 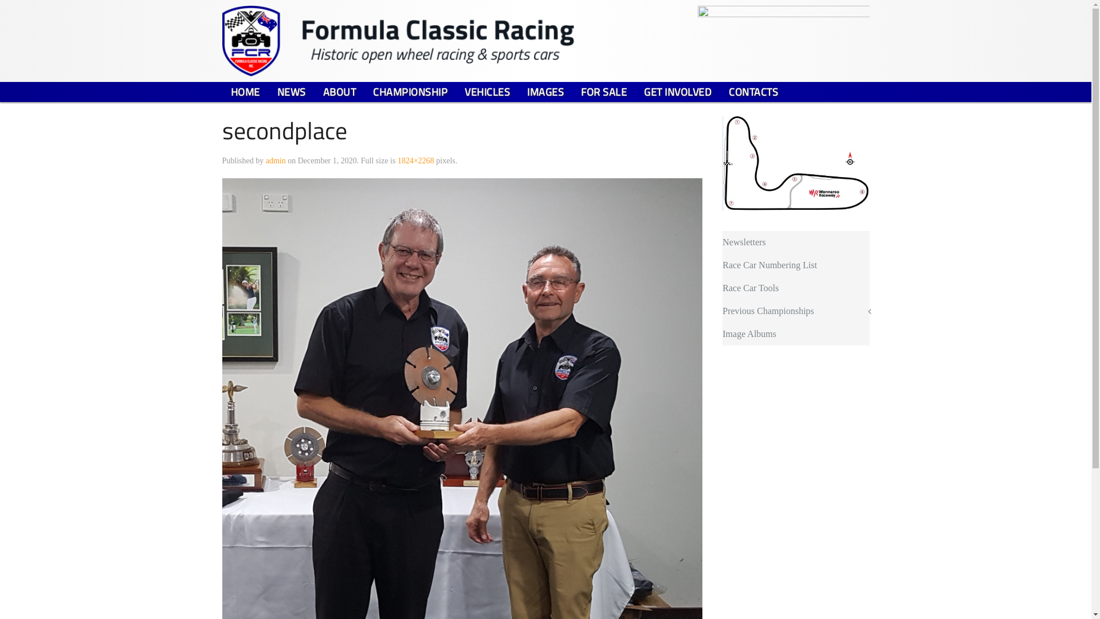 I want to click on 'NEWS', so click(x=291, y=91).